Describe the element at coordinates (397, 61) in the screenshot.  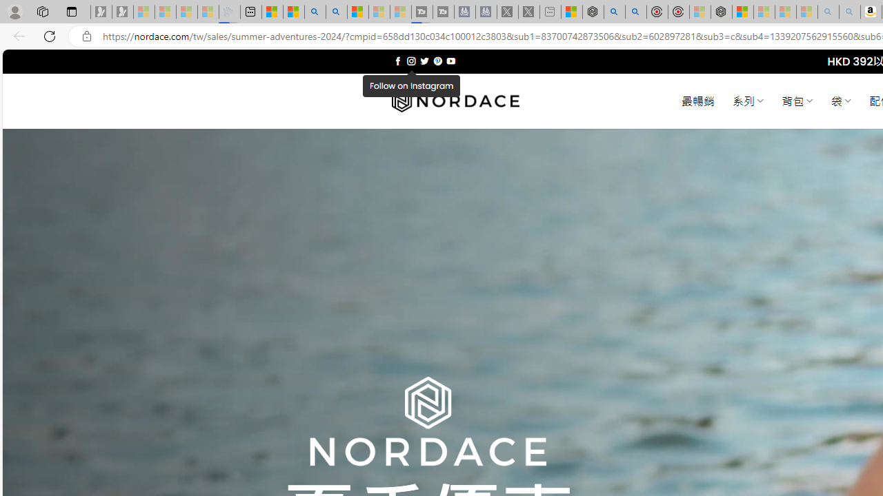
I see `'Follow on Facebook'` at that location.